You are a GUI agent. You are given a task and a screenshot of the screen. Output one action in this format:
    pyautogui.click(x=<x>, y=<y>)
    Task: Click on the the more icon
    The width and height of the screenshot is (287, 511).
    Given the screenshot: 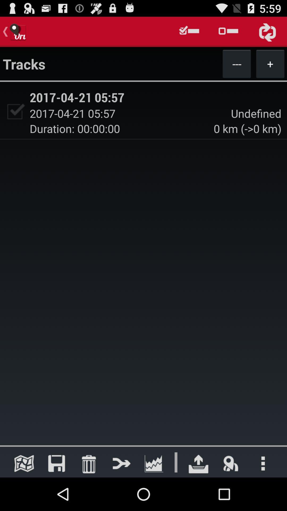 What is the action you would take?
    pyautogui.click(x=263, y=496)
    